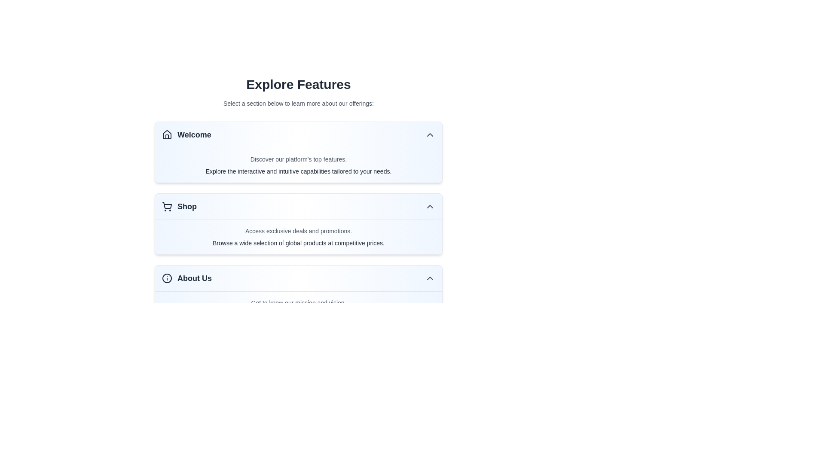 This screenshot has width=825, height=464. I want to click on the 'Shop' text label located below the 'Welcome' option and above the 'About Us' option in the vertical list under 'Explore Features', so click(186, 207).